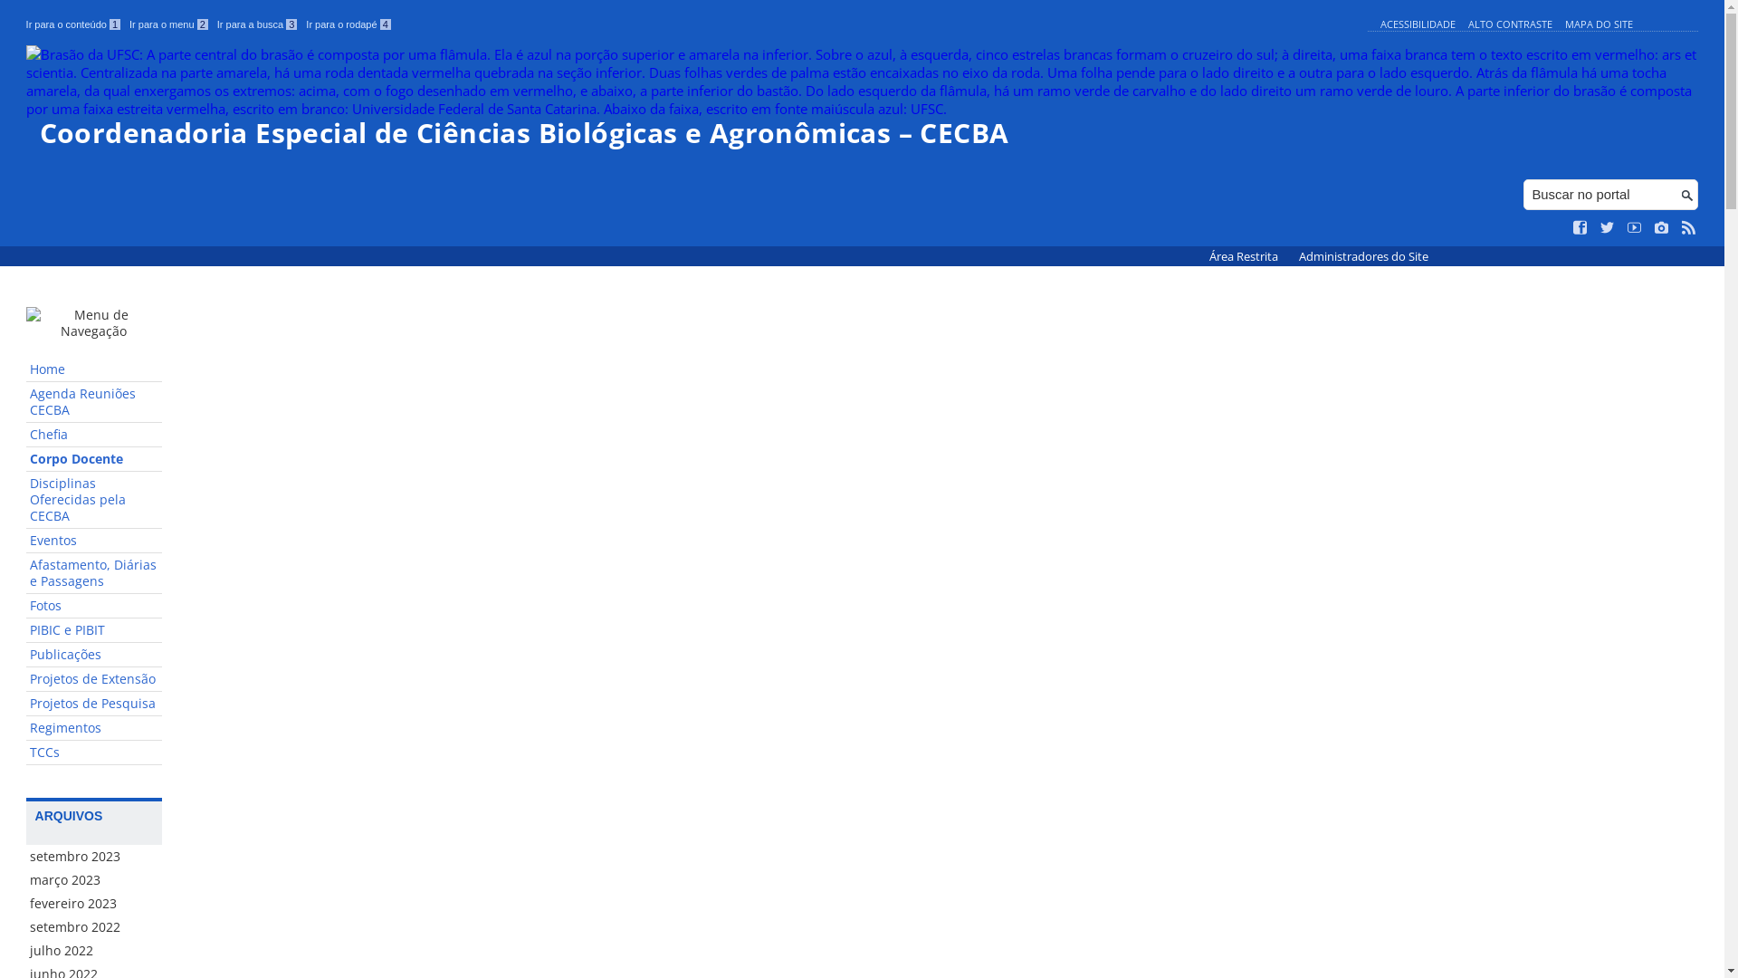 The width and height of the screenshot is (1738, 978). I want to click on 'MAPA DO SITE', so click(1599, 24).